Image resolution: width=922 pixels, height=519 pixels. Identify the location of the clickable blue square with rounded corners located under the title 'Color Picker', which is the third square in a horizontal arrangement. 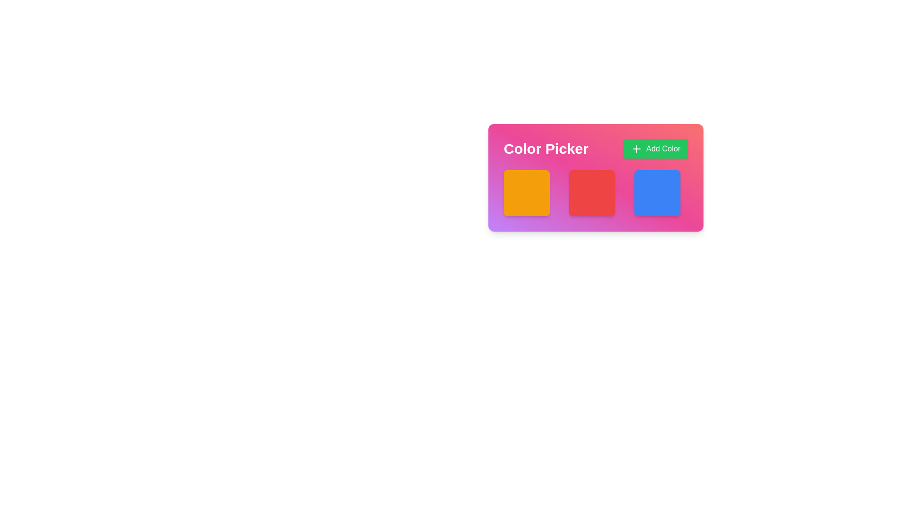
(661, 193).